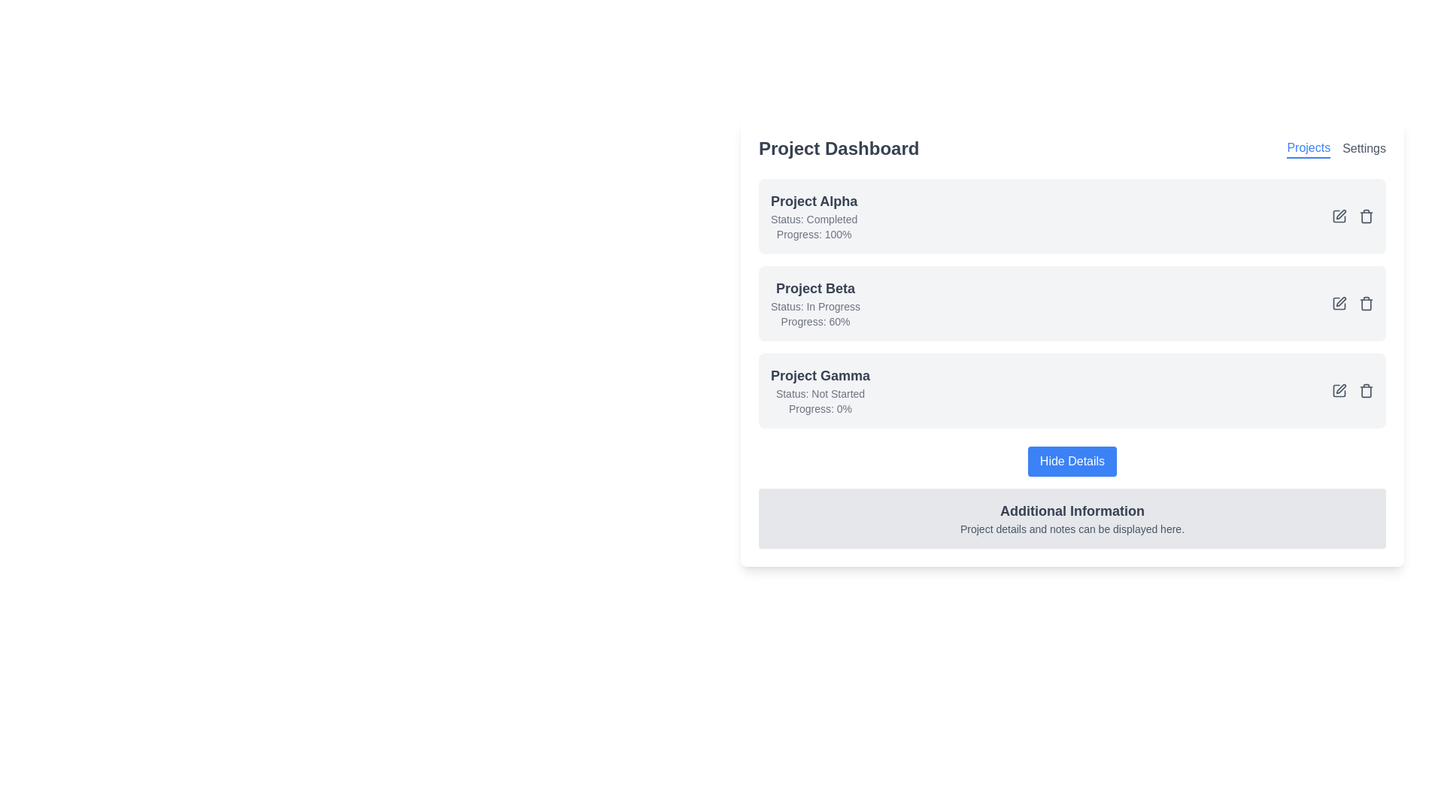 The width and height of the screenshot is (1444, 812). What do you see at coordinates (819, 408) in the screenshot?
I see `the text label indicating the progress percentage for 'Project Gamma', located below the 'Status: Not Started' line in the project summary box` at bounding box center [819, 408].